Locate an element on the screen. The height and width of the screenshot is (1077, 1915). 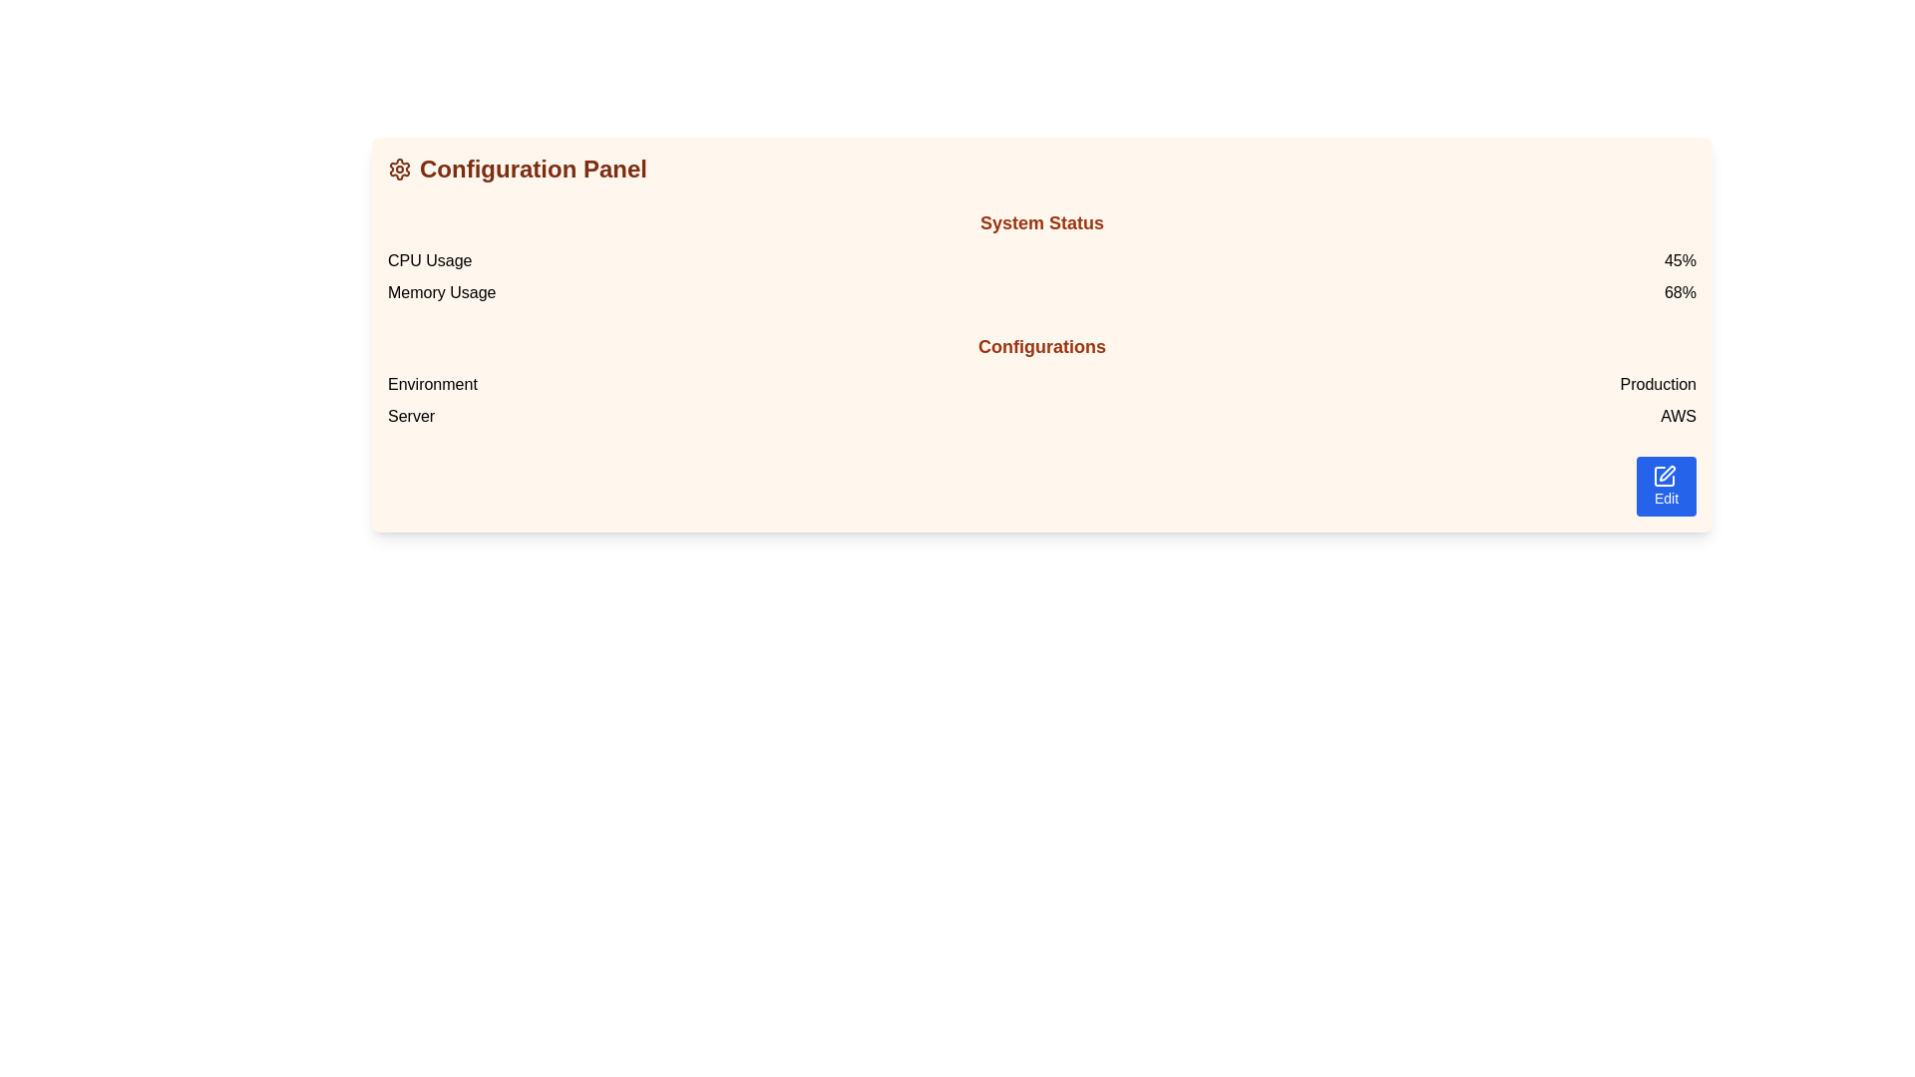
the 'Edit' button, which is a rounded rectangular button with a blue background and white text is located at coordinates (1666, 487).